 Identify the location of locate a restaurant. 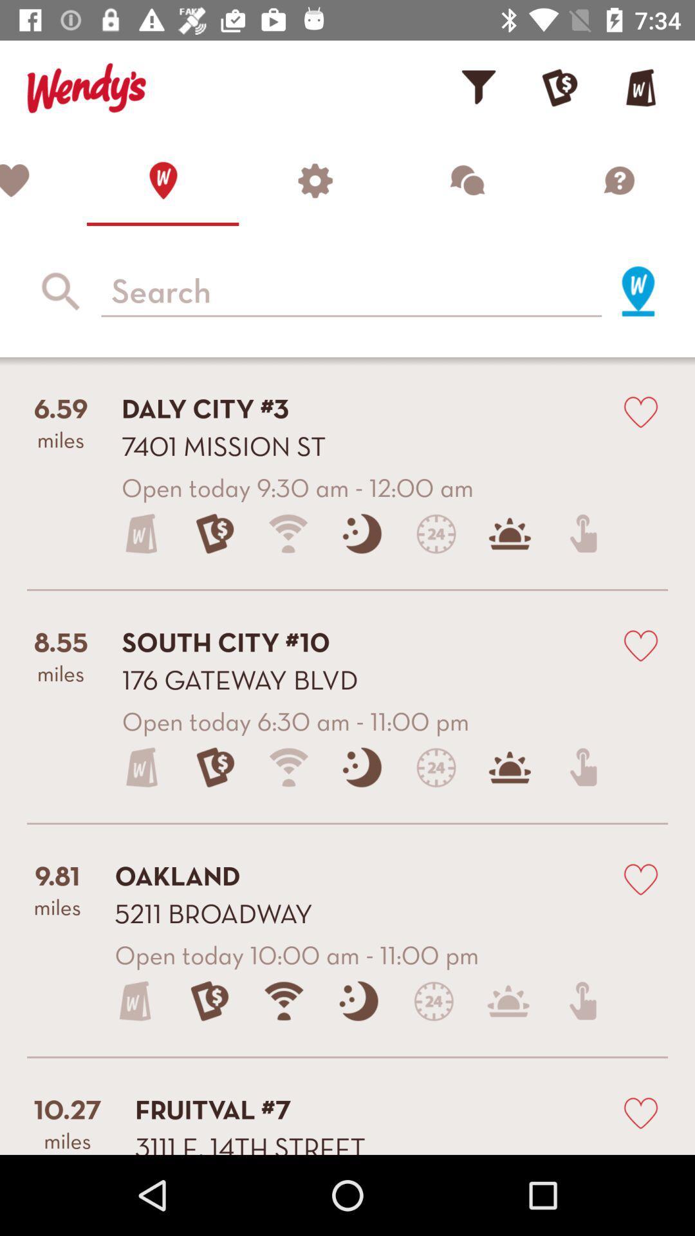
(162, 180).